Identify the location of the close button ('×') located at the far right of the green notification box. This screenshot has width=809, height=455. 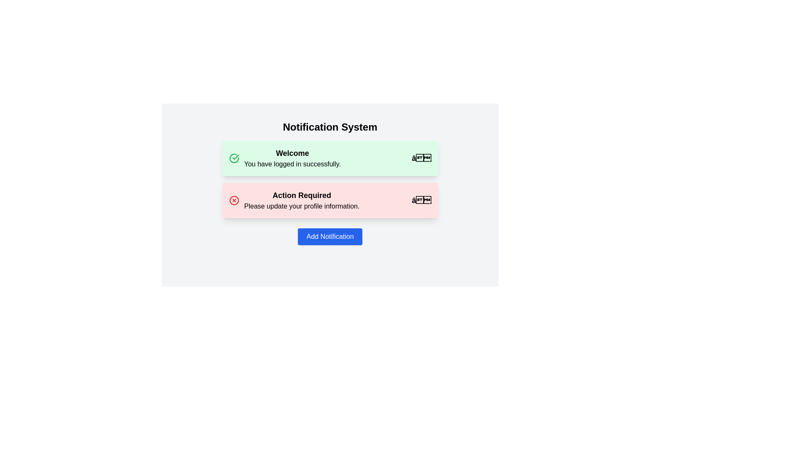
(421, 158).